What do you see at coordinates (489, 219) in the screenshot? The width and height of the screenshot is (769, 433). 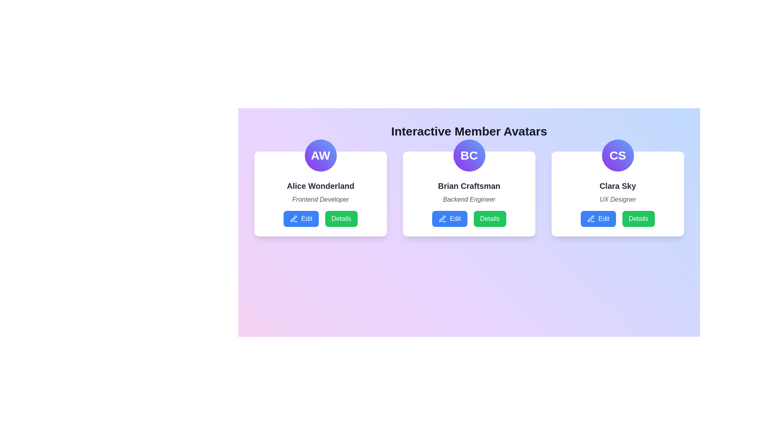 I see `the 'Details' button, which is the second button in the profile card, to observe hover effects` at bounding box center [489, 219].